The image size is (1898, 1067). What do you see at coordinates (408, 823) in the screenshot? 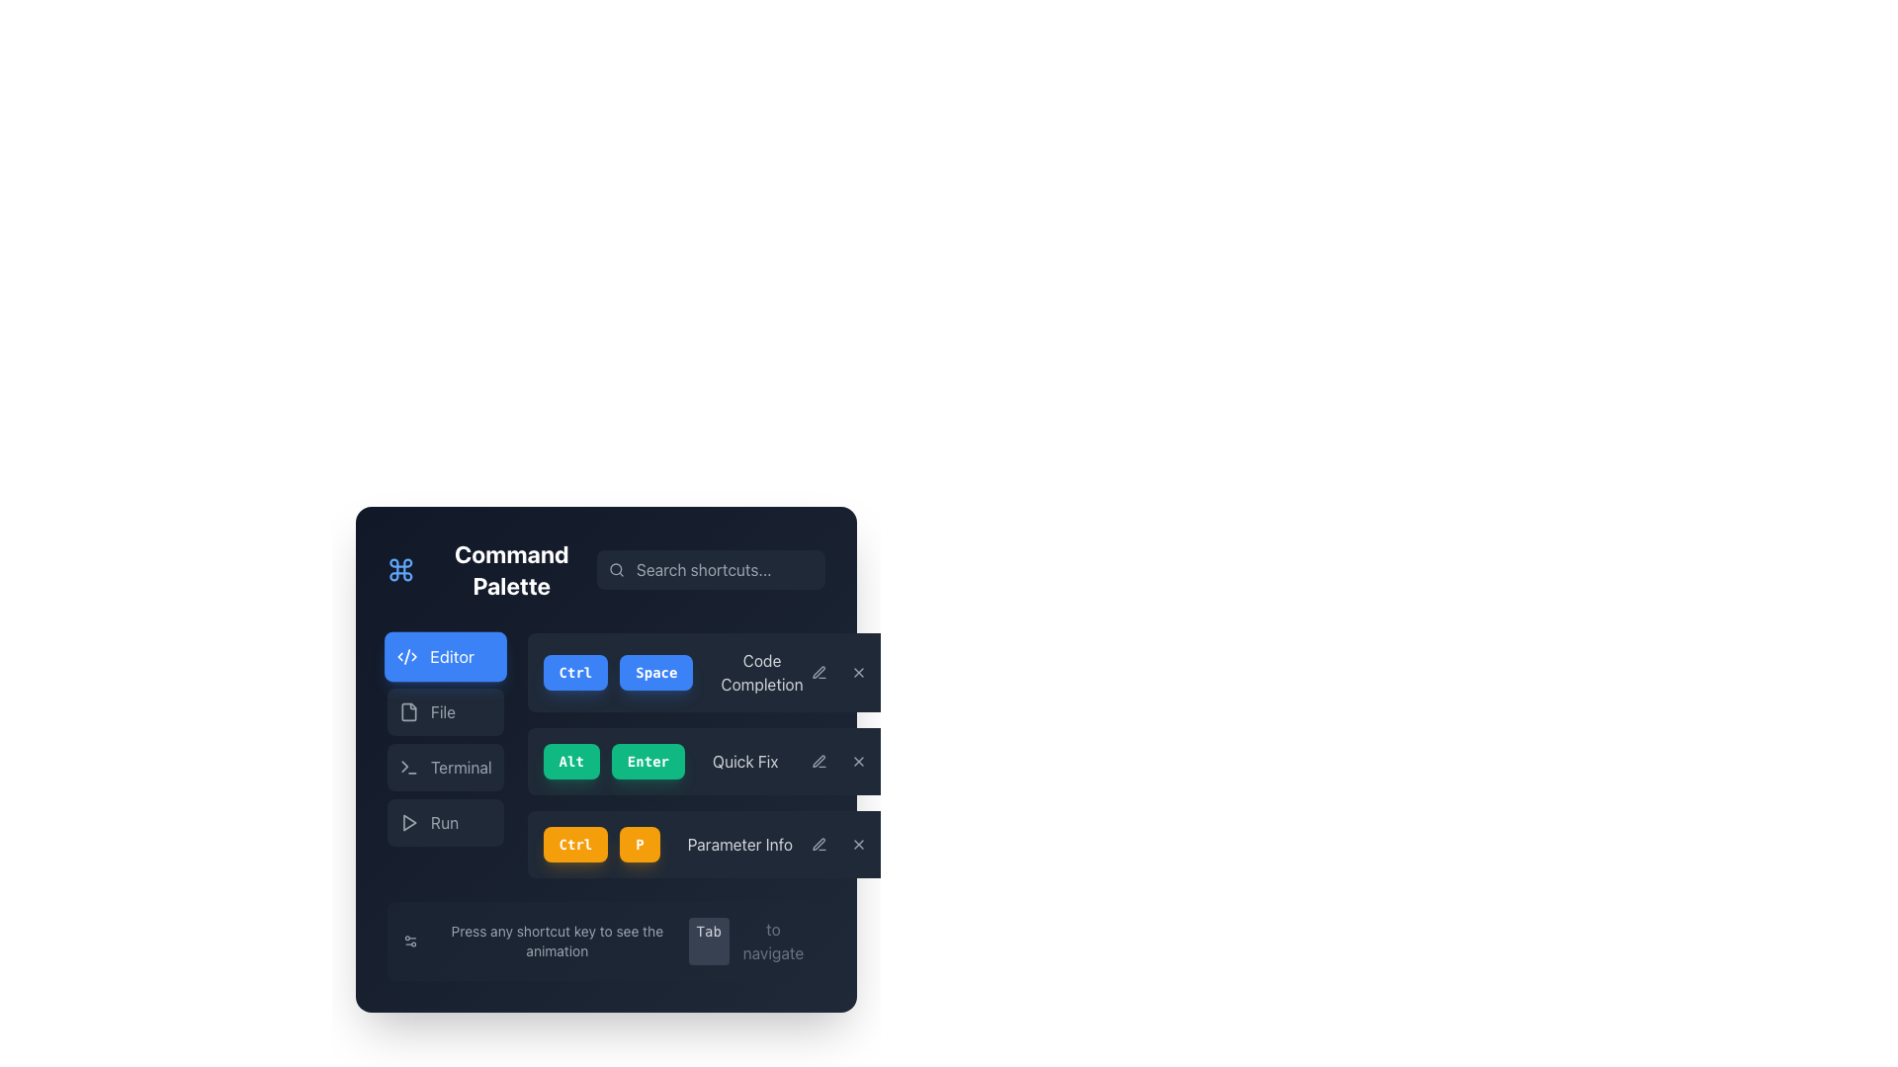
I see `the play-like triangular shape icon located near the bottom-right corner of the command palette interface` at bounding box center [408, 823].